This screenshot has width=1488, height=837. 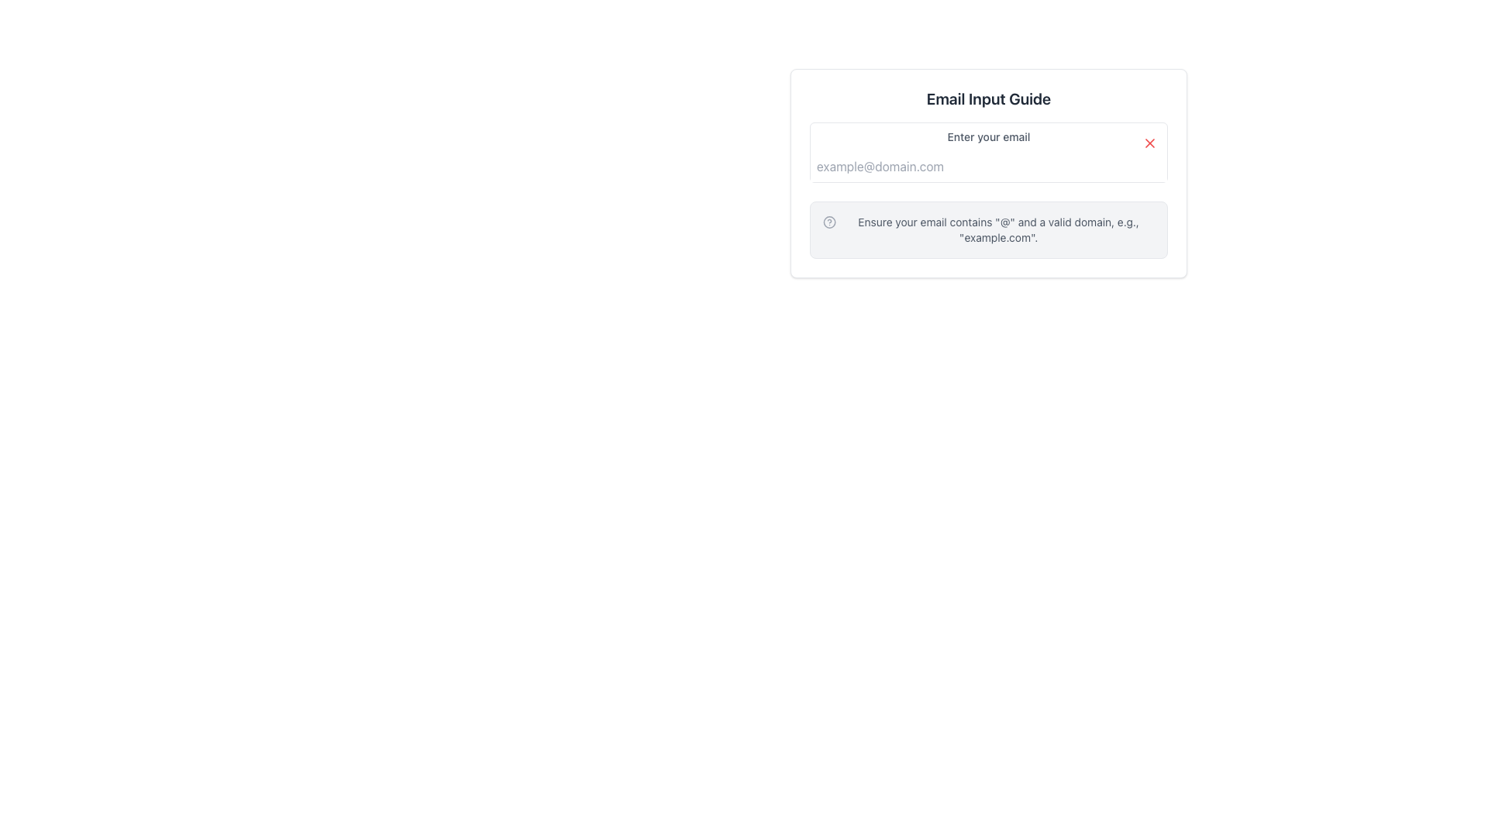 What do you see at coordinates (988, 230) in the screenshot?
I see `the help icon located in the Text with icon helper box beneath the email input field labeled 'Enter your email'` at bounding box center [988, 230].